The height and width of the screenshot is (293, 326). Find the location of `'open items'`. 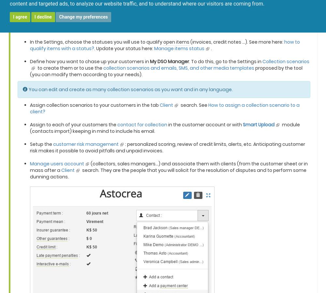

'open items' is located at coordinates (176, 42).